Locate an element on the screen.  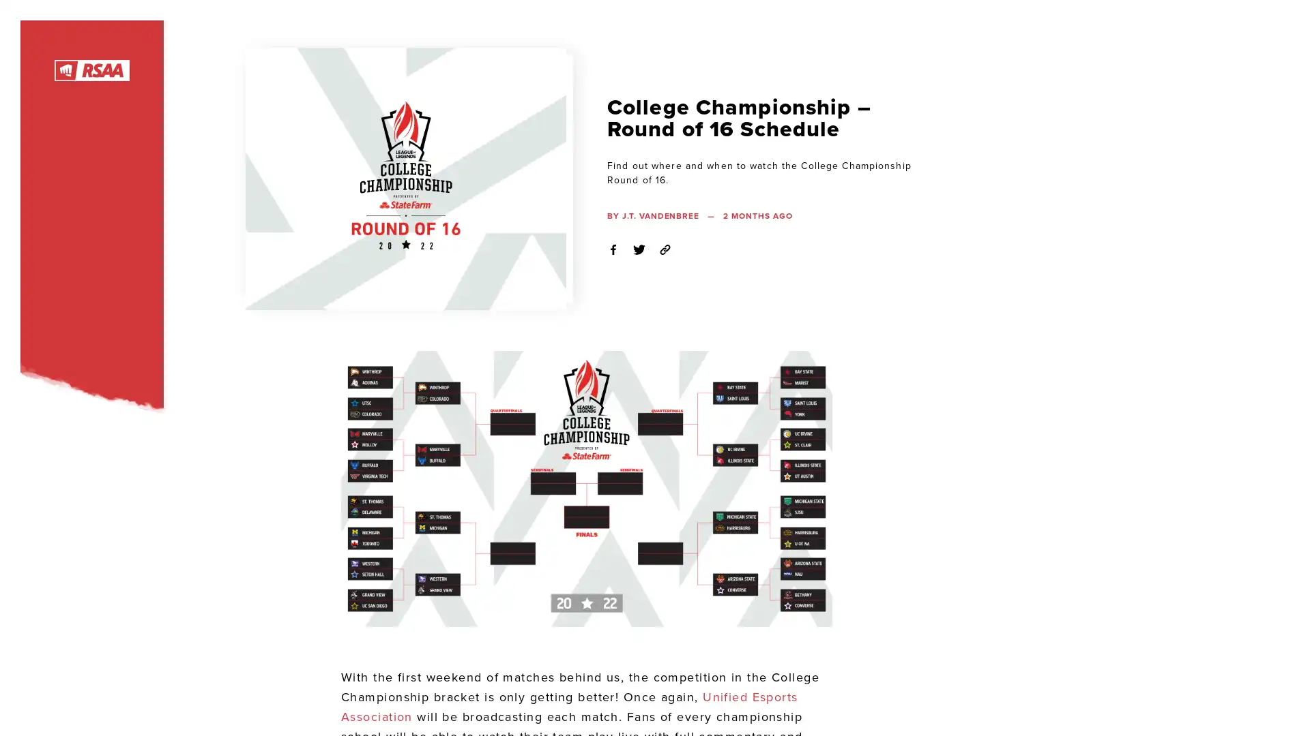
Share on Facebook is located at coordinates (612, 249).